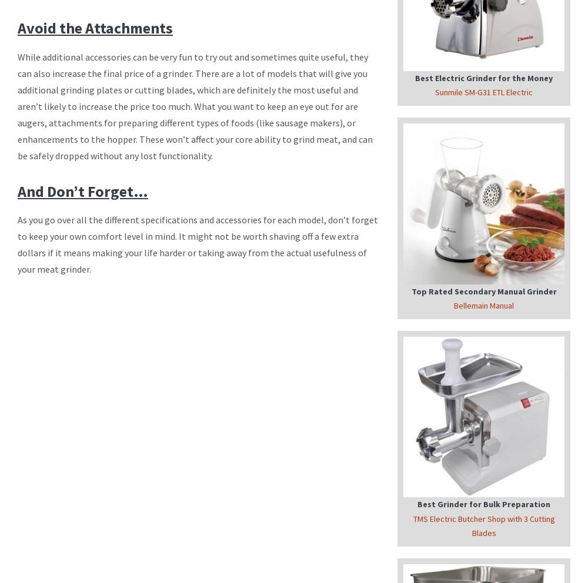  I want to click on 'Top Rated Secondary Manual Grinder', so click(483, 291).